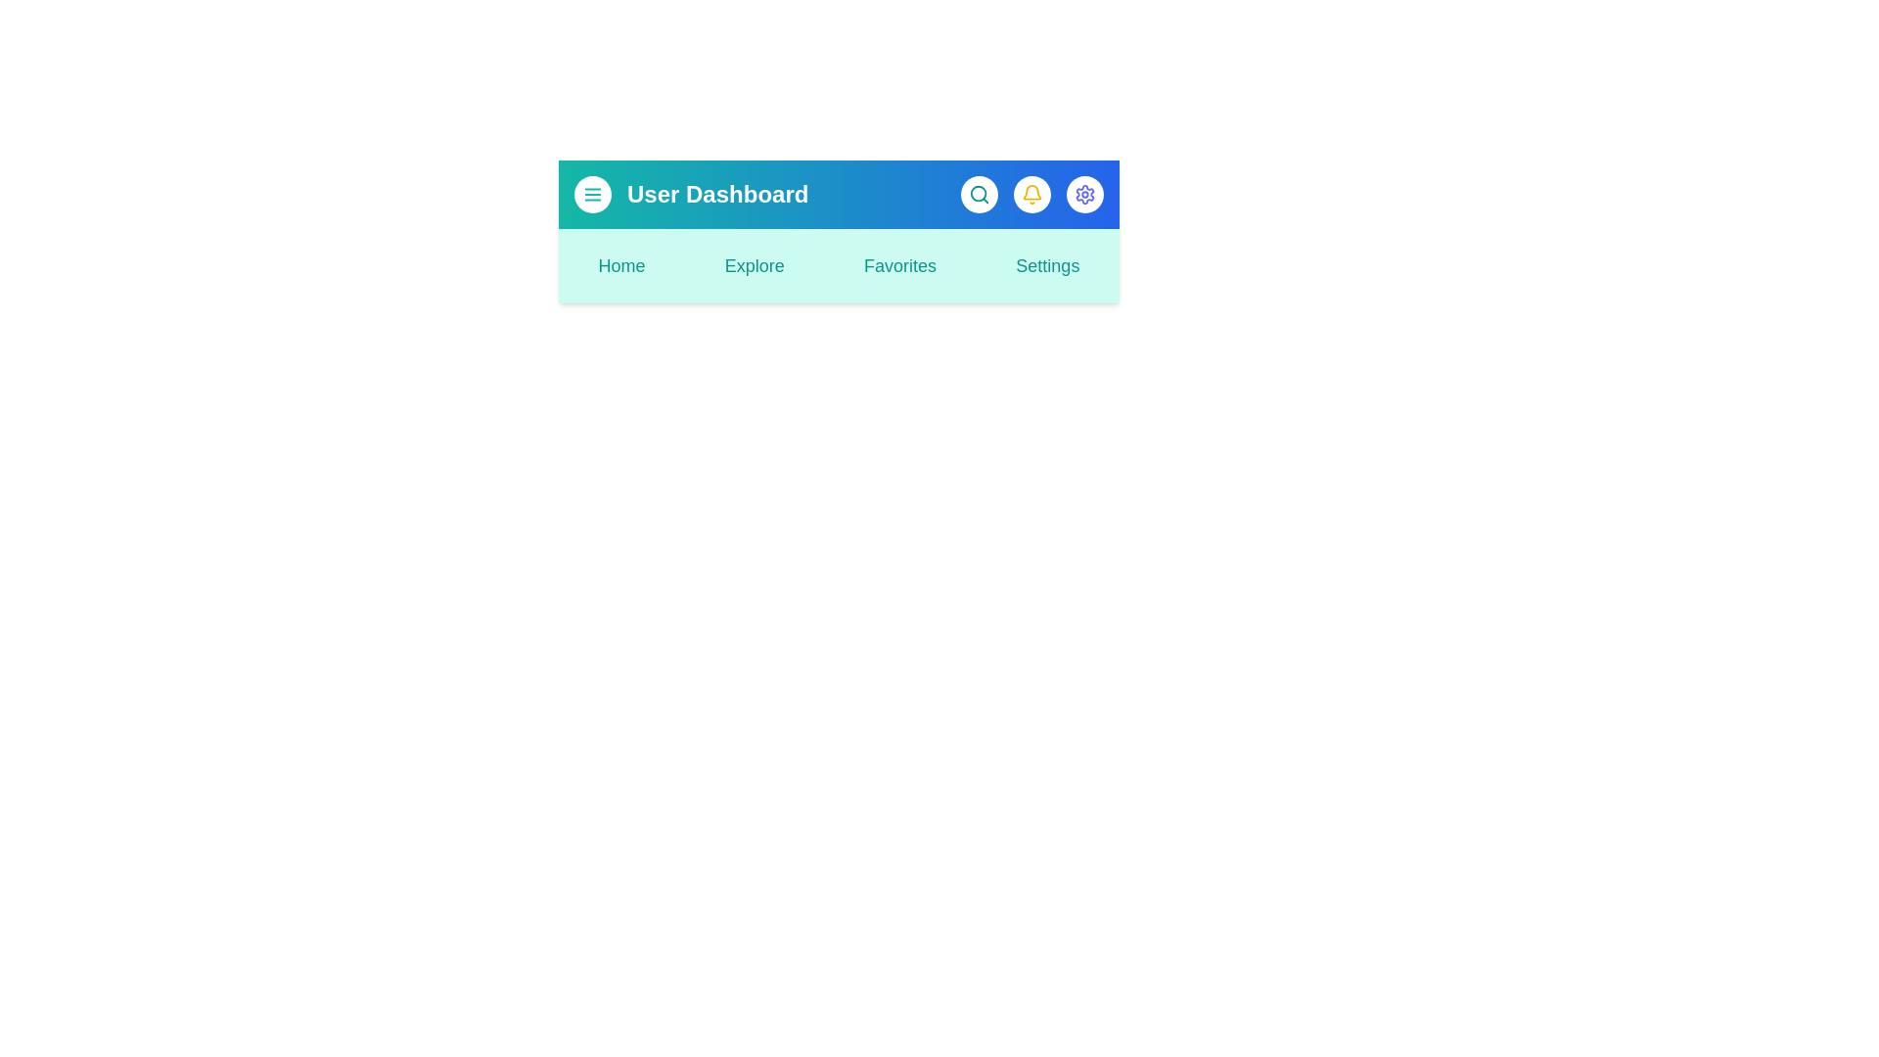  I want to click on the navigation link corresponding to Home, so click(620, 266).